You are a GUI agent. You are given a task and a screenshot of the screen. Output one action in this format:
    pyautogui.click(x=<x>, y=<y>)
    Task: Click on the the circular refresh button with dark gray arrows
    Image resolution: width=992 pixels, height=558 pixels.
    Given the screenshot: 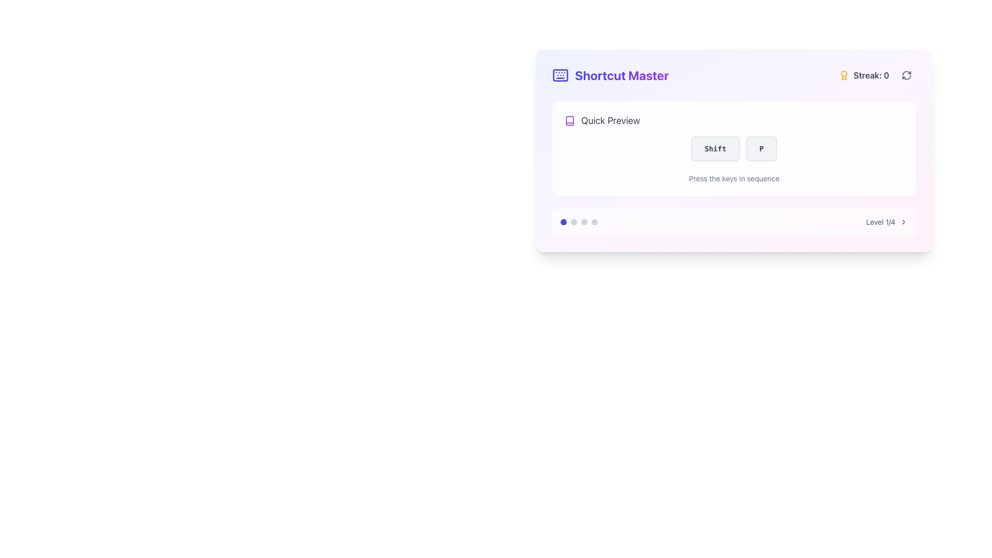 What is the action you would take?
    pyautogui.click(x=906, y=75)
    